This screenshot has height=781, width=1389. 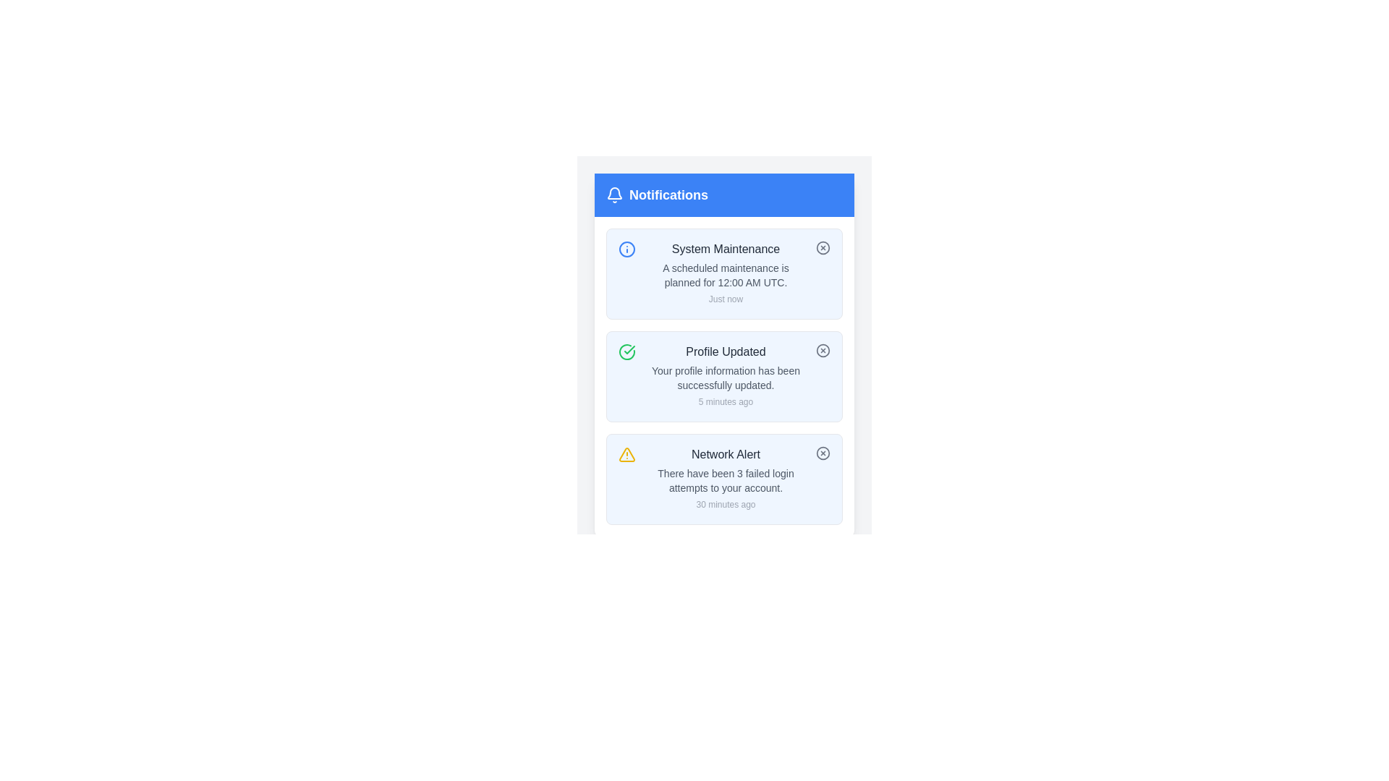 What do you see at coordinates (823, 453) in the screenshot?
I see `the circular graphic icon representing a cancel or close action located in the third notification item in the list` at bounding box center [823, 453].